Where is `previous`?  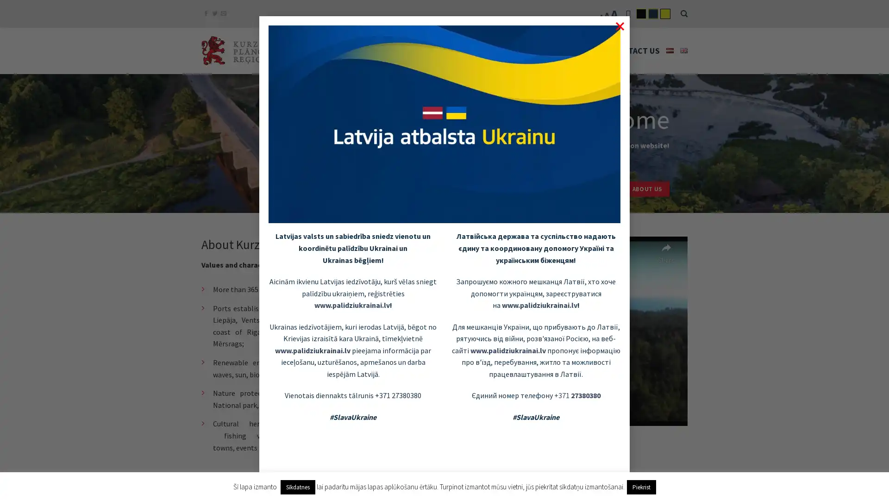
previous is located at coordinates (29, 143).